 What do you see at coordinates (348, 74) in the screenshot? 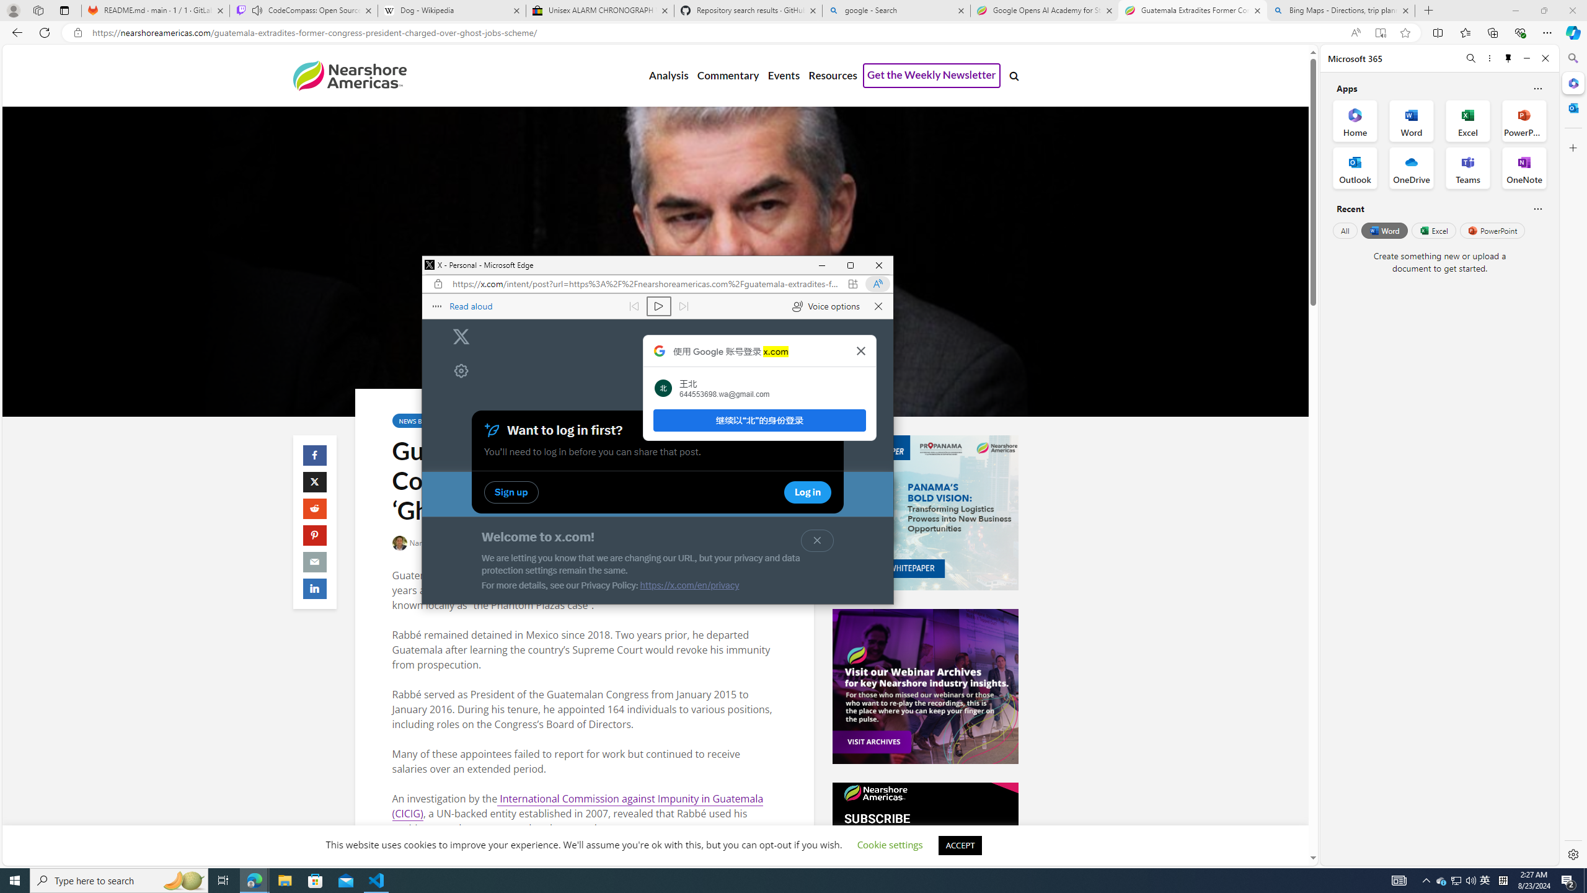
I see `'Nearshore Americas'` at bounding box center [348, 74].